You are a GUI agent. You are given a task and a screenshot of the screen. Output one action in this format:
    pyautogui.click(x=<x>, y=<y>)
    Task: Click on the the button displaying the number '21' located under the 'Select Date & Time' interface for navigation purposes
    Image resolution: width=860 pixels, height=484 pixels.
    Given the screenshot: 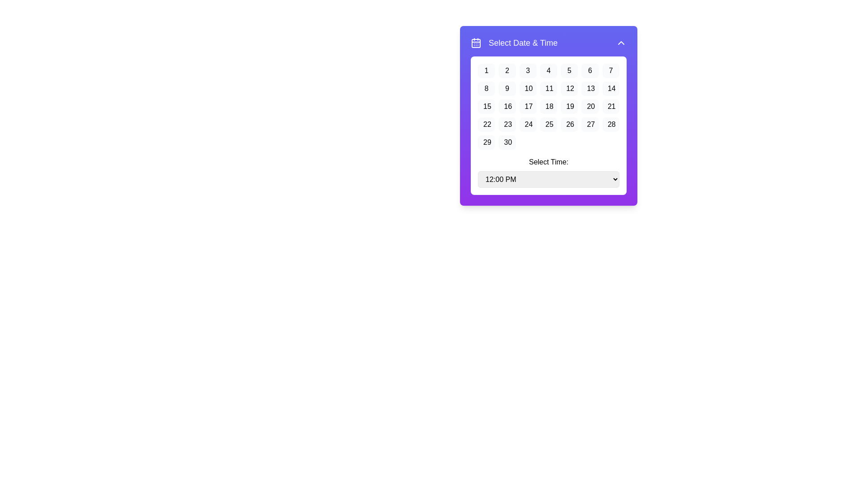 What is the action you would take?
    pyautogui.click(x=610, y=106)
    